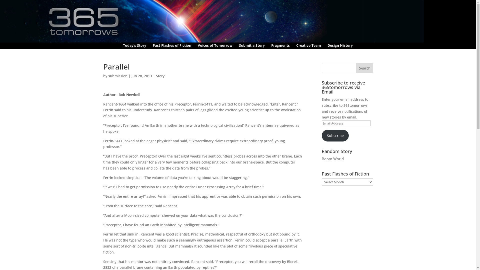 Image resolution: width=480 pixels, height=270 pixels. Describe the element at coordinates (215, 46) in the screenshot. I see `'Voices of Tomorrow'` at that location.